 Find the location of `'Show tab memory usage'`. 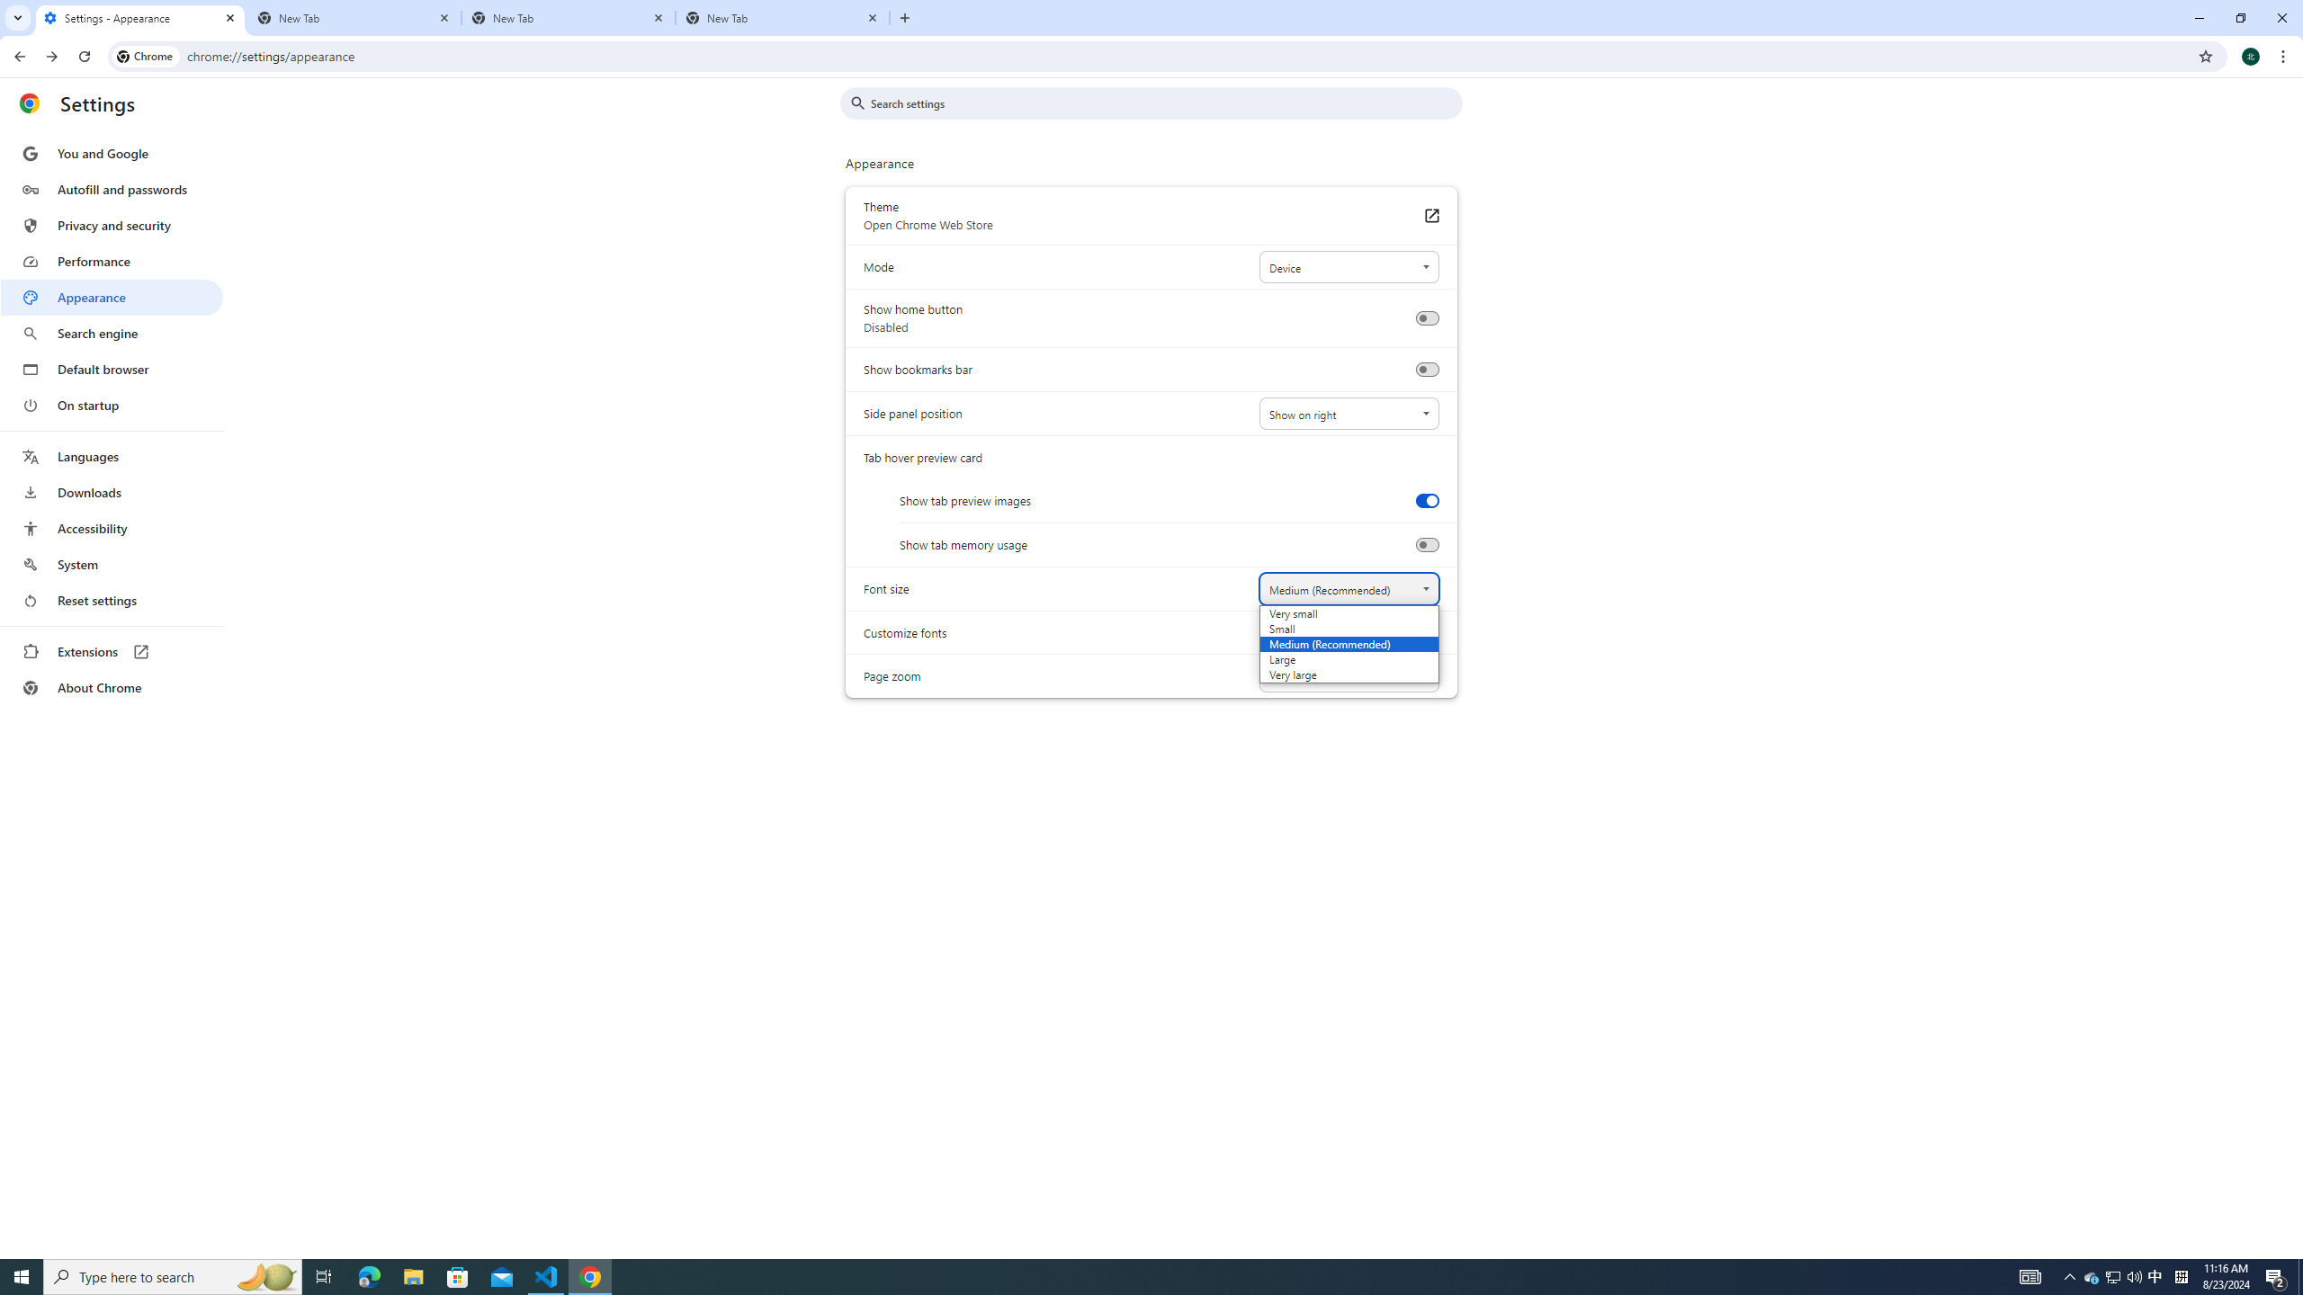

'Show tab memory usage' is located at coordinates (1426, 544).